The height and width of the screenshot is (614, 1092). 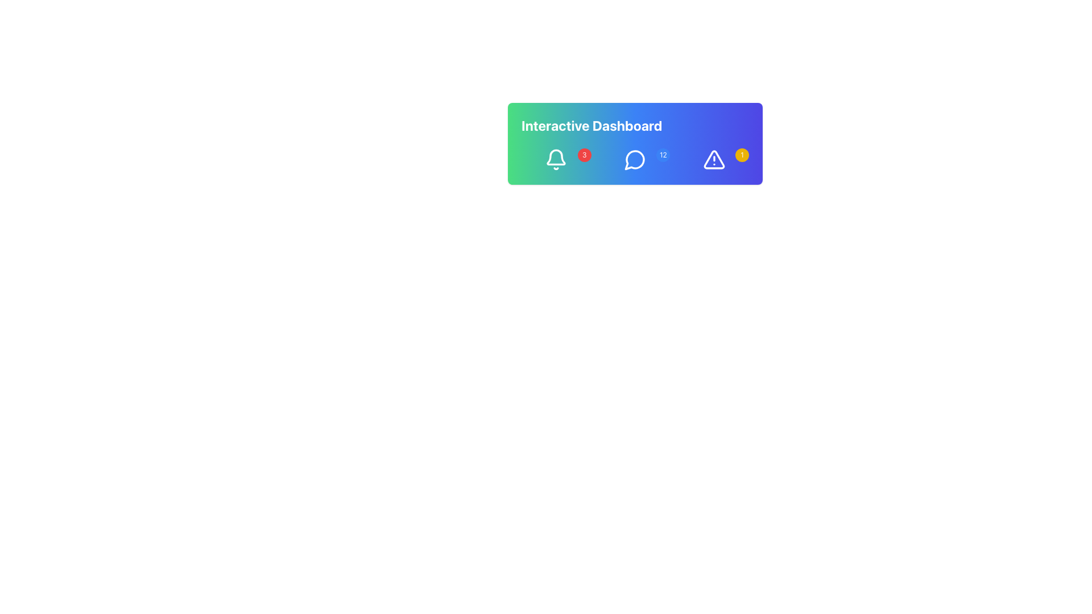 I want to click on the blue badge displaying the number '12' located at the top-right corner of the speech bubble icon in the interface, so click(x=635, y=160).